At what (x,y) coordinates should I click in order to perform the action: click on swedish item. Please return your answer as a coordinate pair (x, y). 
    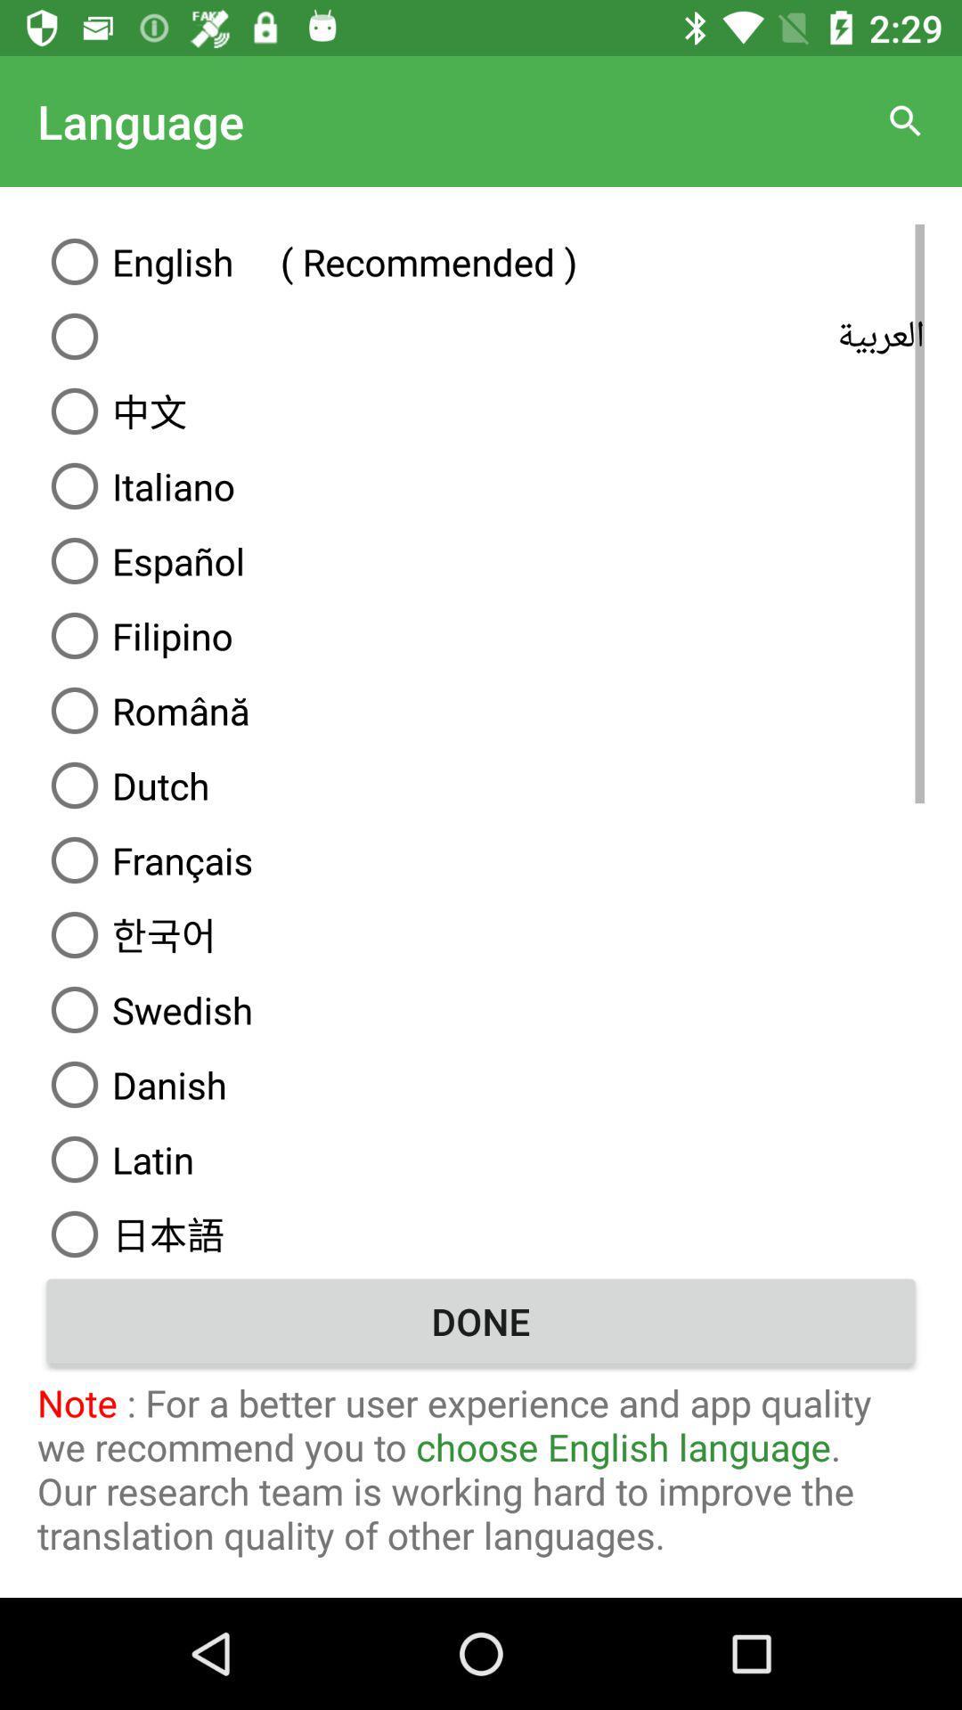
    Looking at the image, I should click on (481, 1009).